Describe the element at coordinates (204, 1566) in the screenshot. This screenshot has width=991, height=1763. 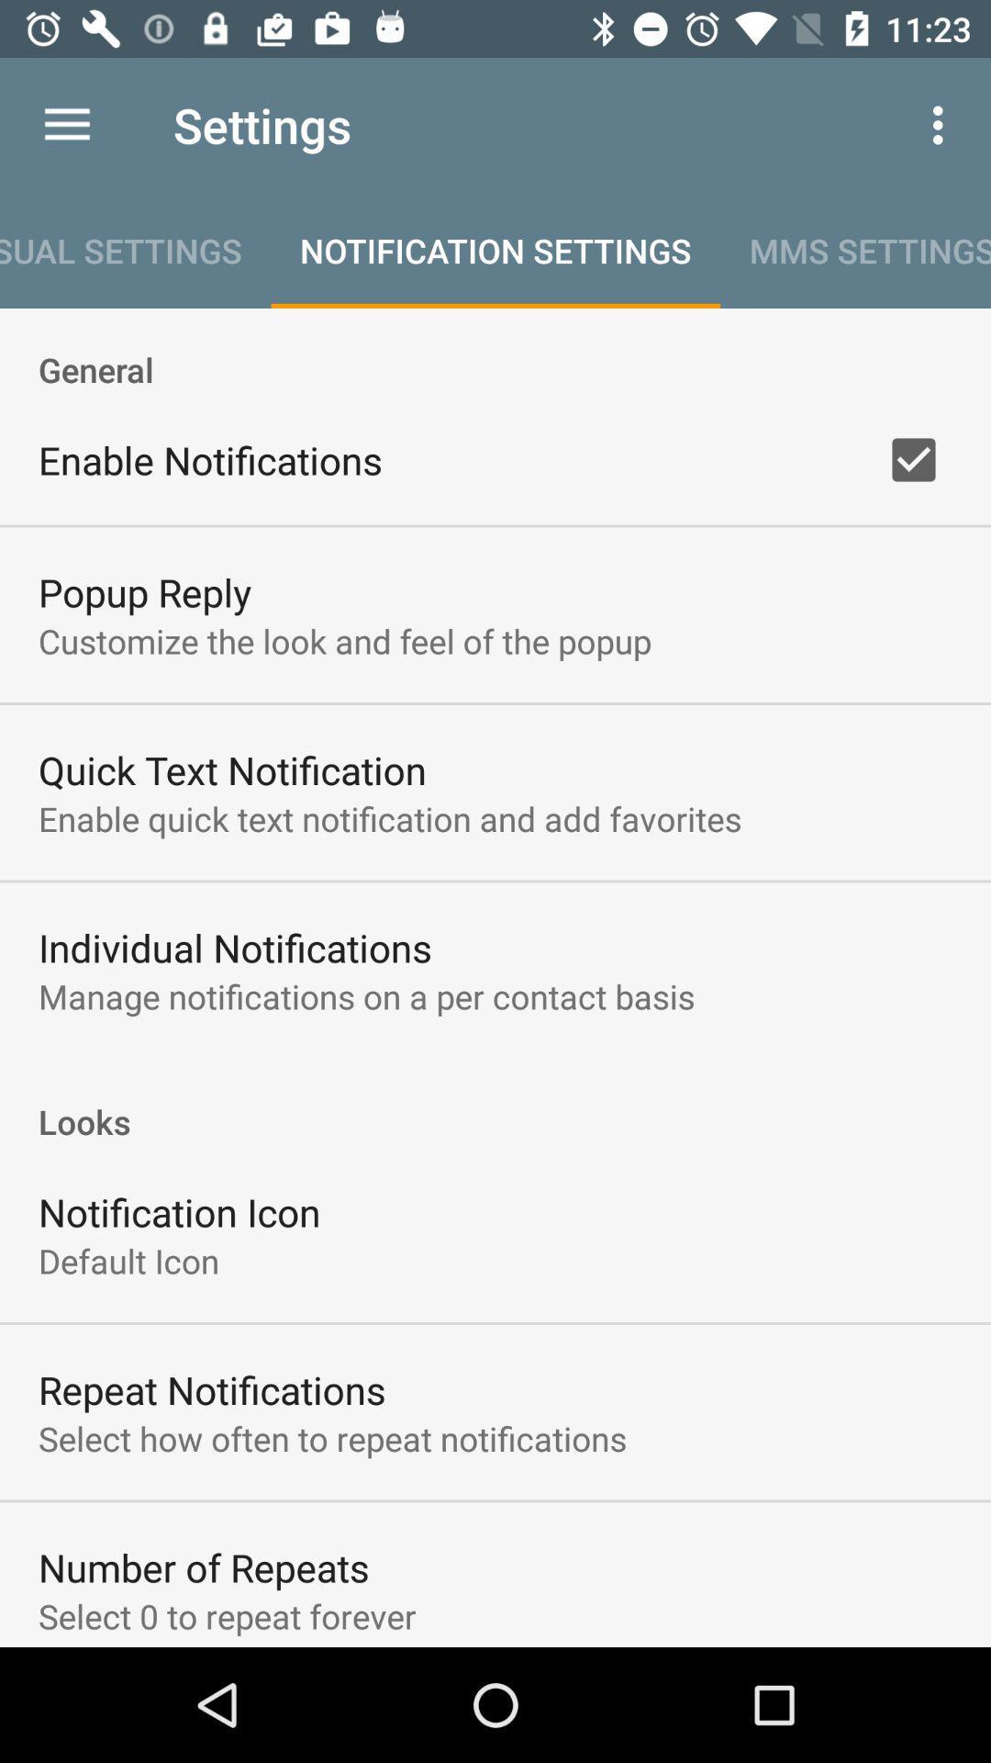
I see `the number of repeats icon` at that location.